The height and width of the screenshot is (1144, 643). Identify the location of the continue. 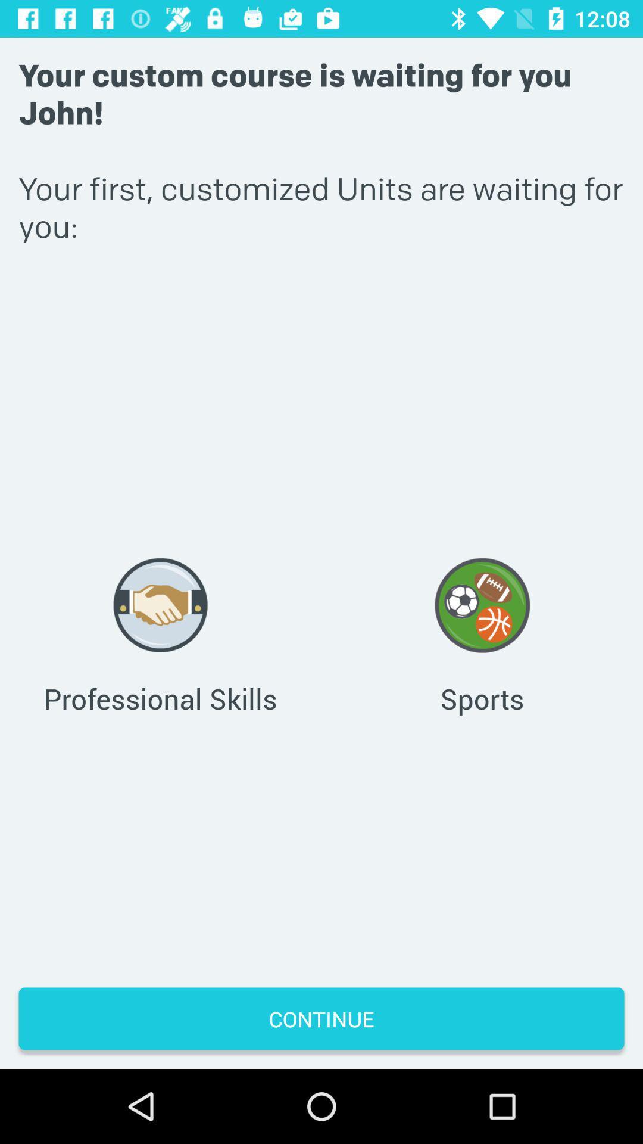
(321, 1018).